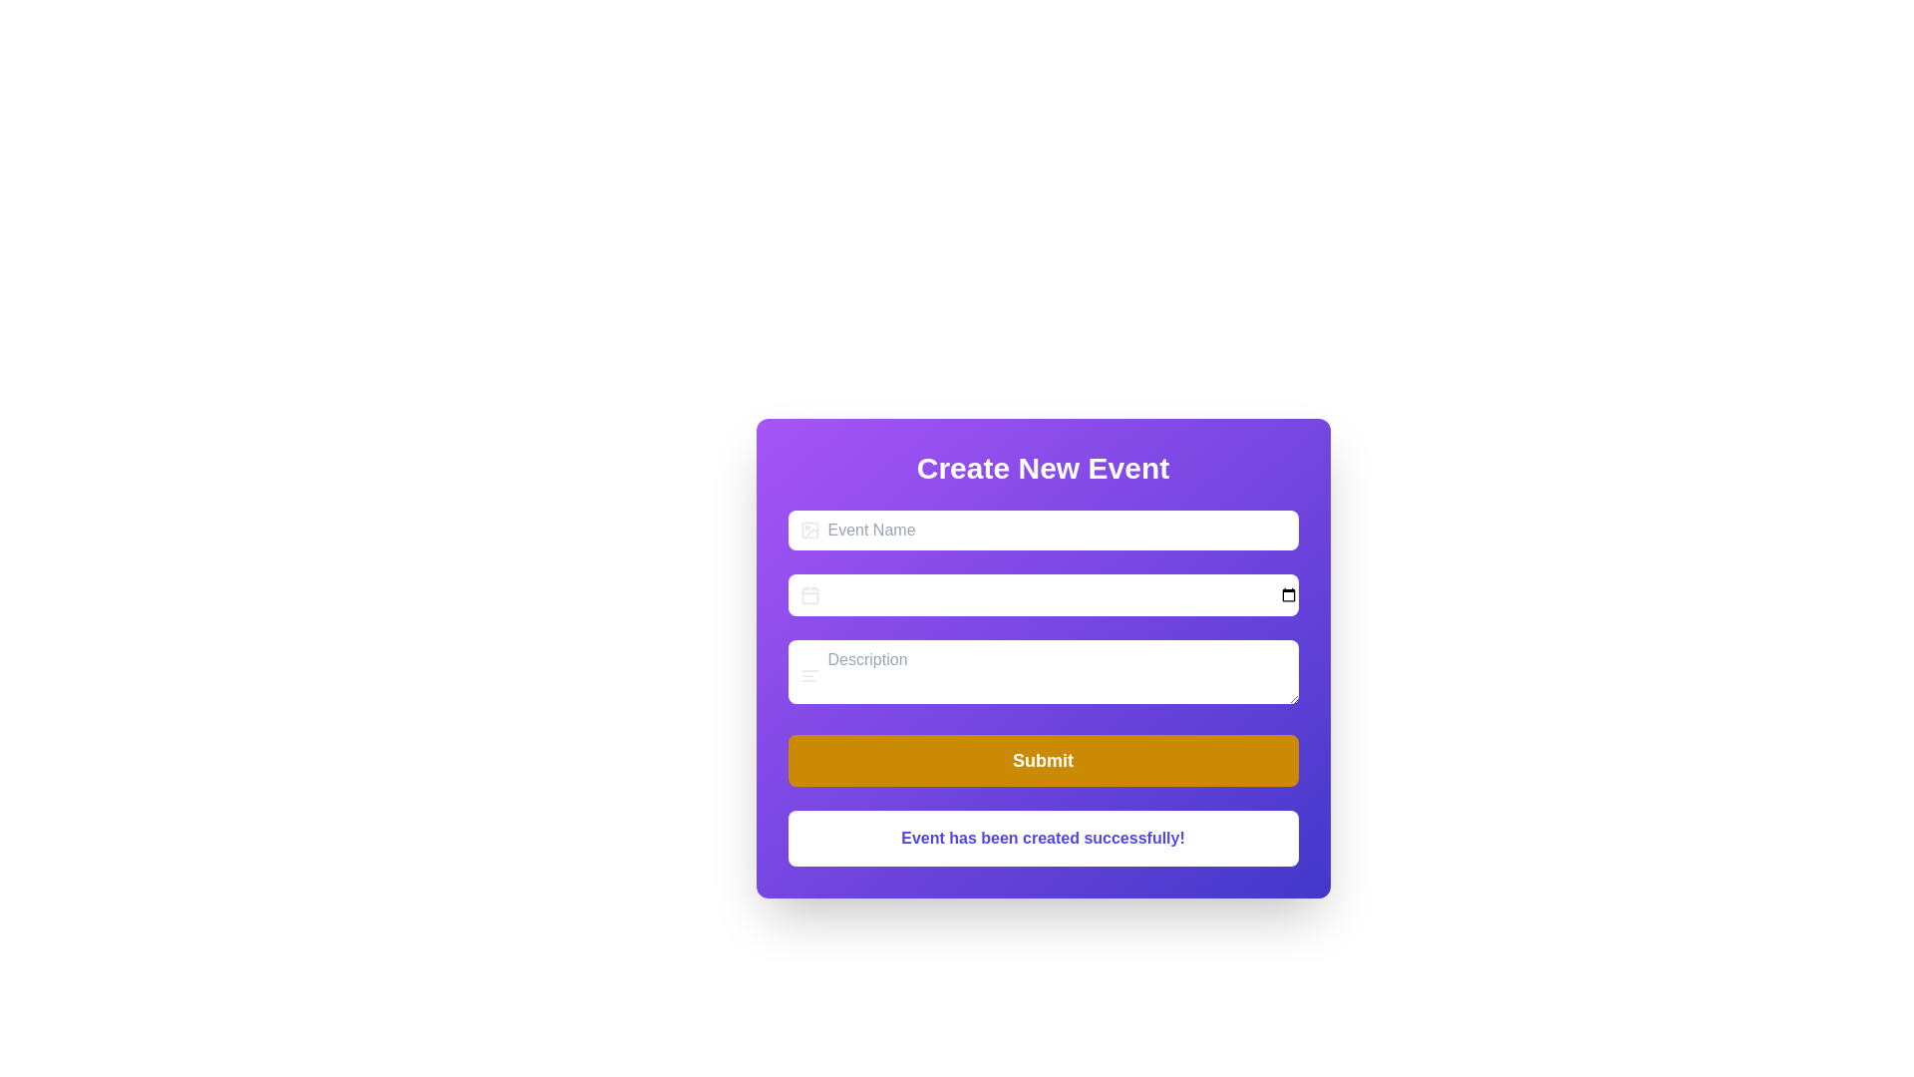  Describe the element at coordinates (1042, 594) in the screenshot. I see `the date picker input field, which is styled with rounded corners and a light background, located beneath the 'Event Name' input field and above the 'Description' textbox` at that location.